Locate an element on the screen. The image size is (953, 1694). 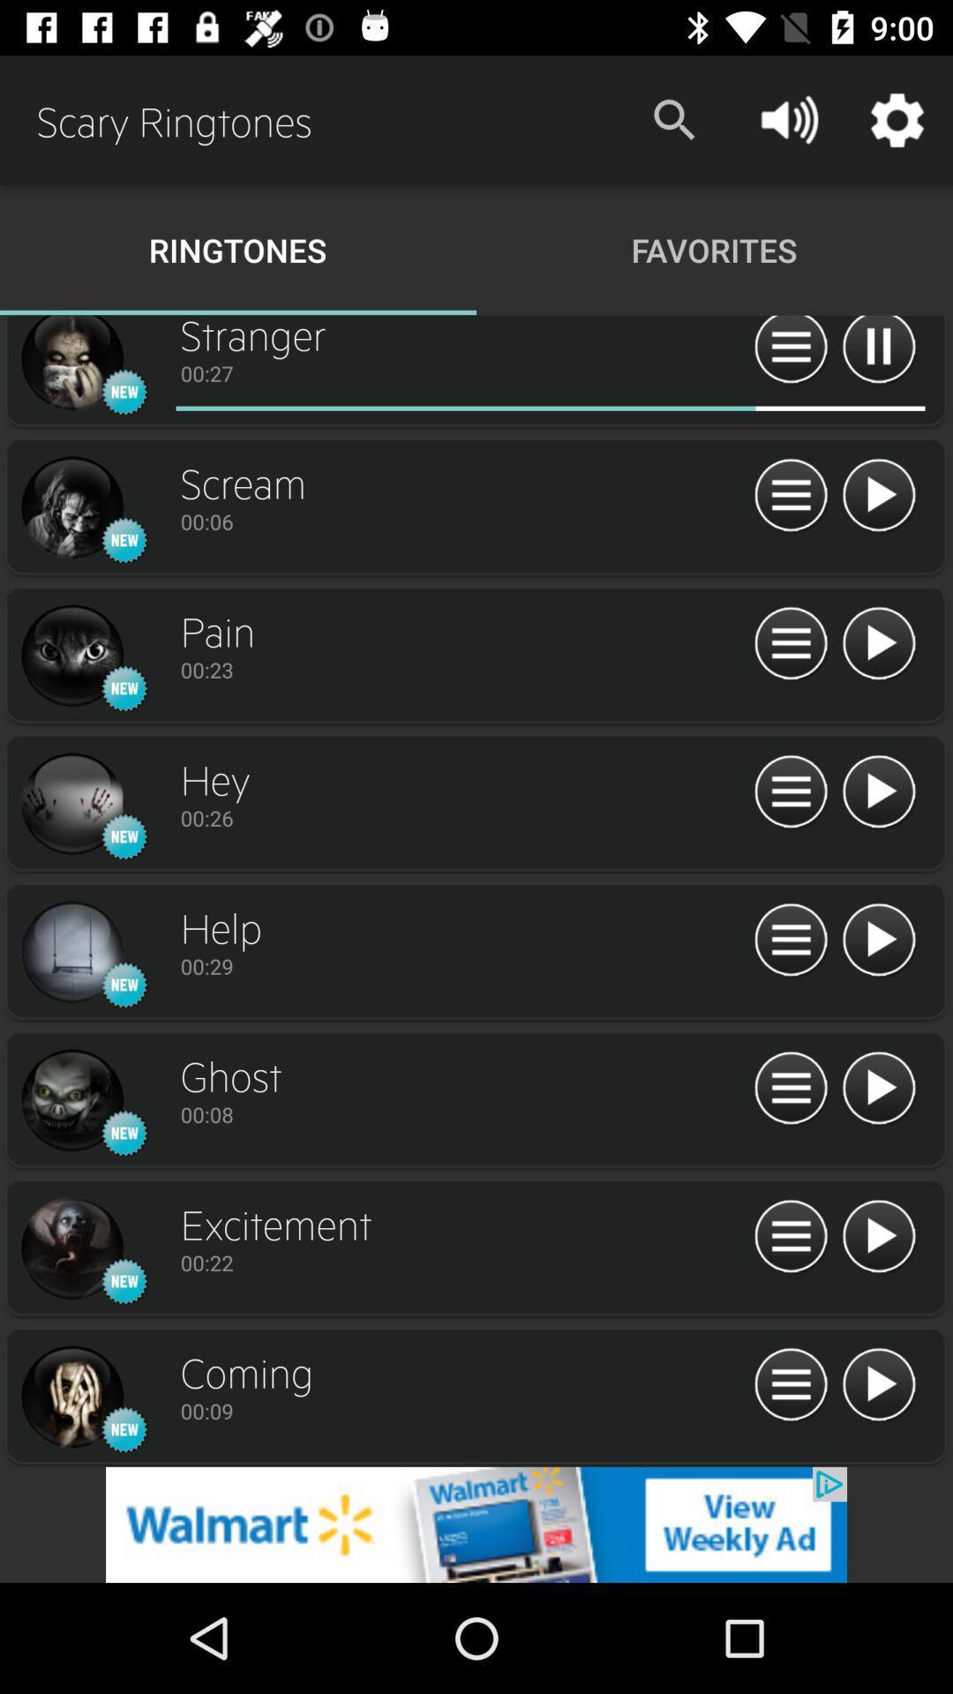
open menu options is located at coordinates (790, 791).